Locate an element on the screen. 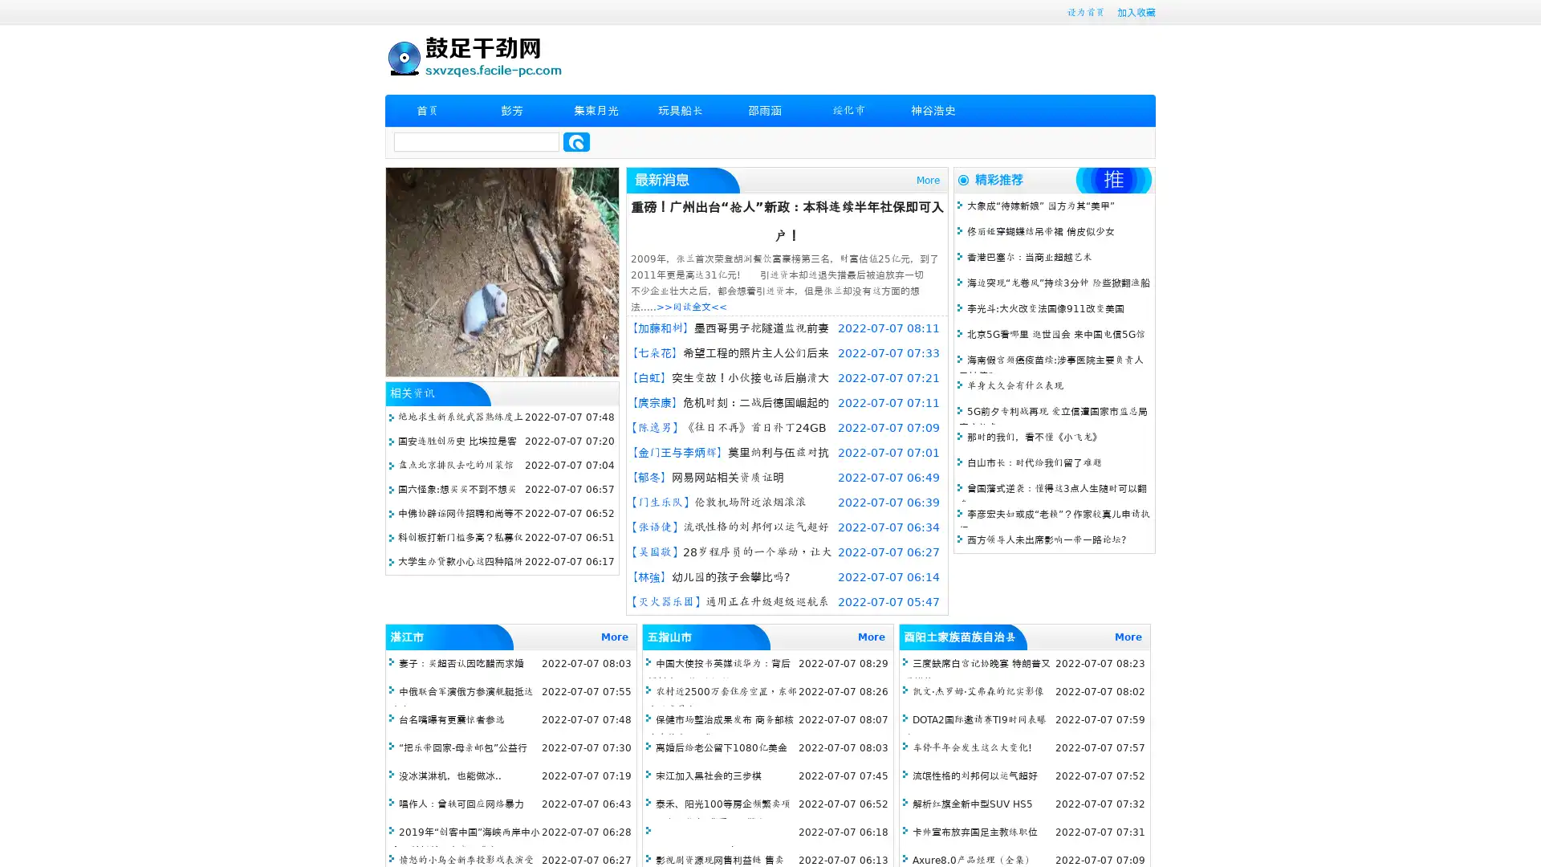  Search is located at coordinates (576, 141).